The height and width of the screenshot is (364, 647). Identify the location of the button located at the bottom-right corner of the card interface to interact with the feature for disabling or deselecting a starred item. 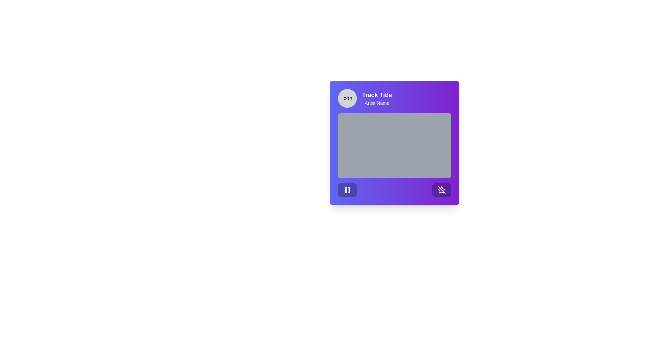
(441, 190).